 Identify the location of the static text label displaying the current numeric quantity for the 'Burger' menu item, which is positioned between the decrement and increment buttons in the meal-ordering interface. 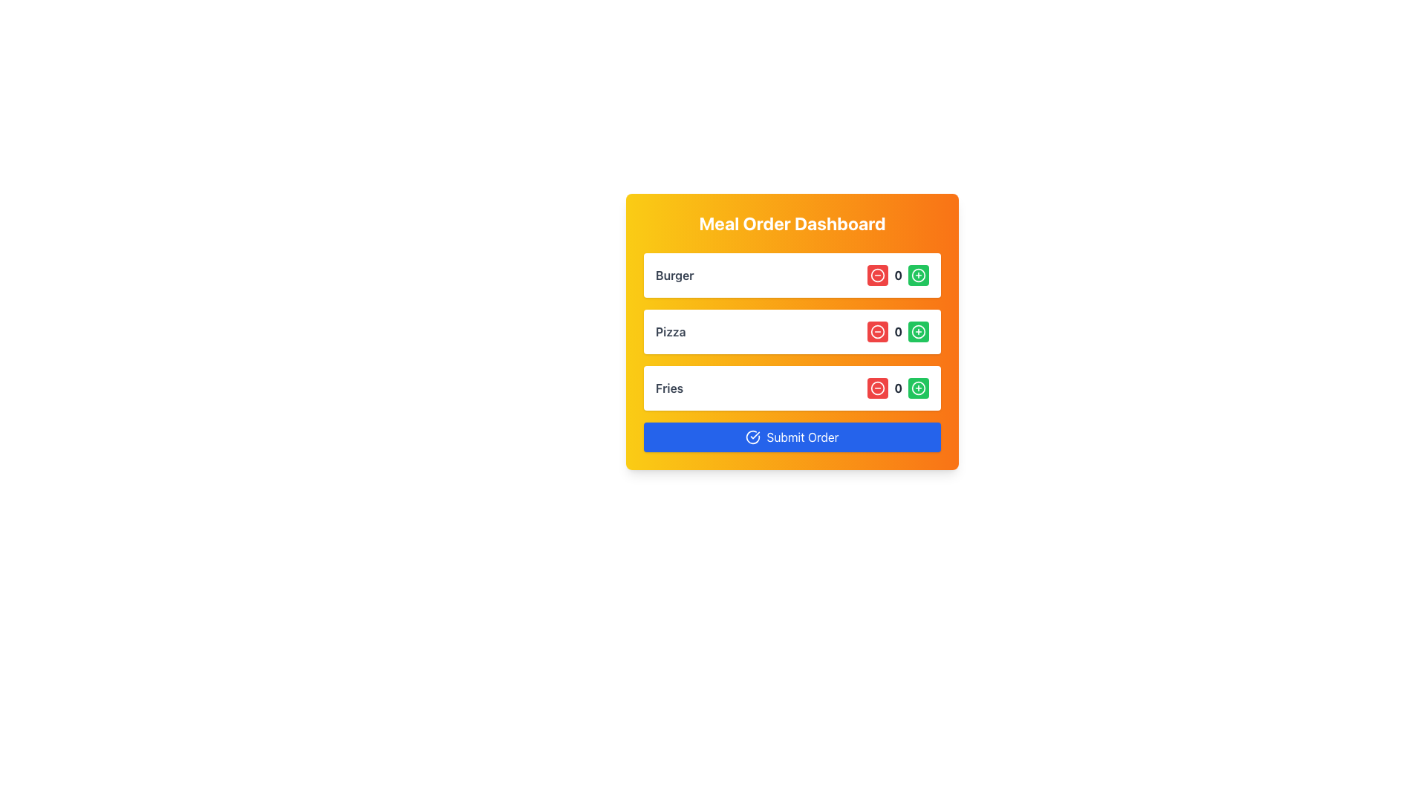
(897, 275).